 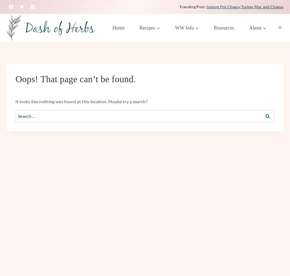 What do you see at coordinates (15, 79) in the screenshot?
I see `'Oops! That page can’t be found.'` at bounding box center [15, 79].